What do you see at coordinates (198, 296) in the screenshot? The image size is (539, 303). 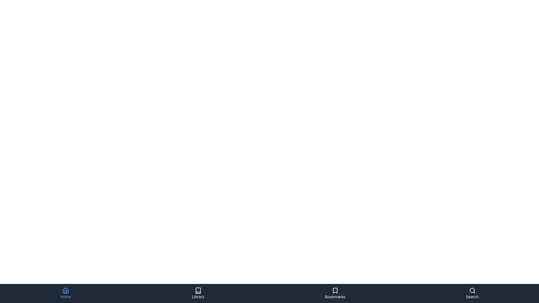 I see `the 'Library' label located below the SVG book icon in the bottom navigation bar` at bounding box center [198, 296].